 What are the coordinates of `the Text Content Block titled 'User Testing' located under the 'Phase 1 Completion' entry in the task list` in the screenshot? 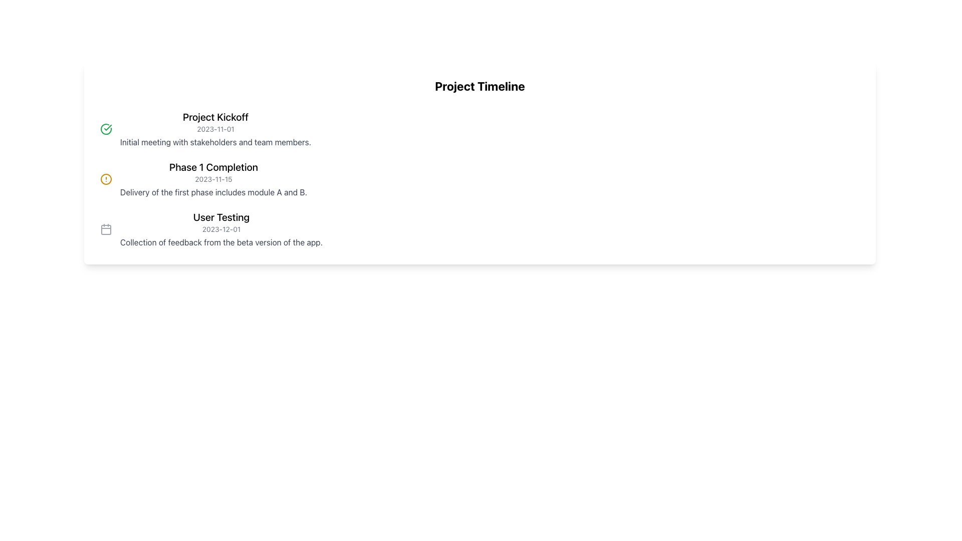 It's located at (220, 229).